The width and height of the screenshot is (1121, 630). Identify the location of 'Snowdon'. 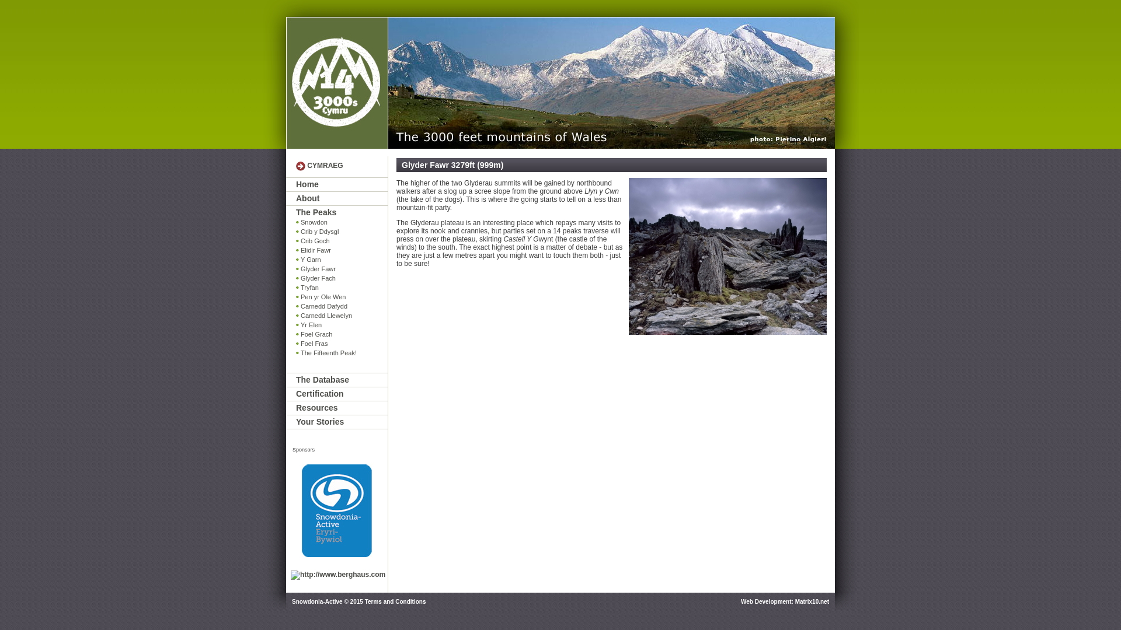
(296, 222).